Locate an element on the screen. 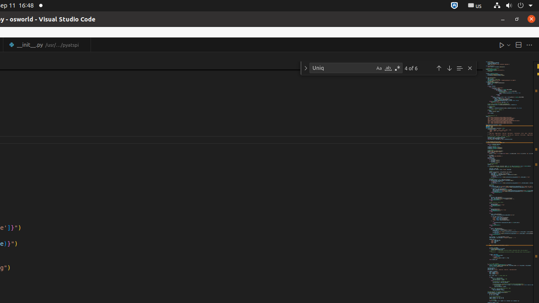 This screenshot has width=539, height=303. 'Toggle Replace' is located at coordinates (305, 68).